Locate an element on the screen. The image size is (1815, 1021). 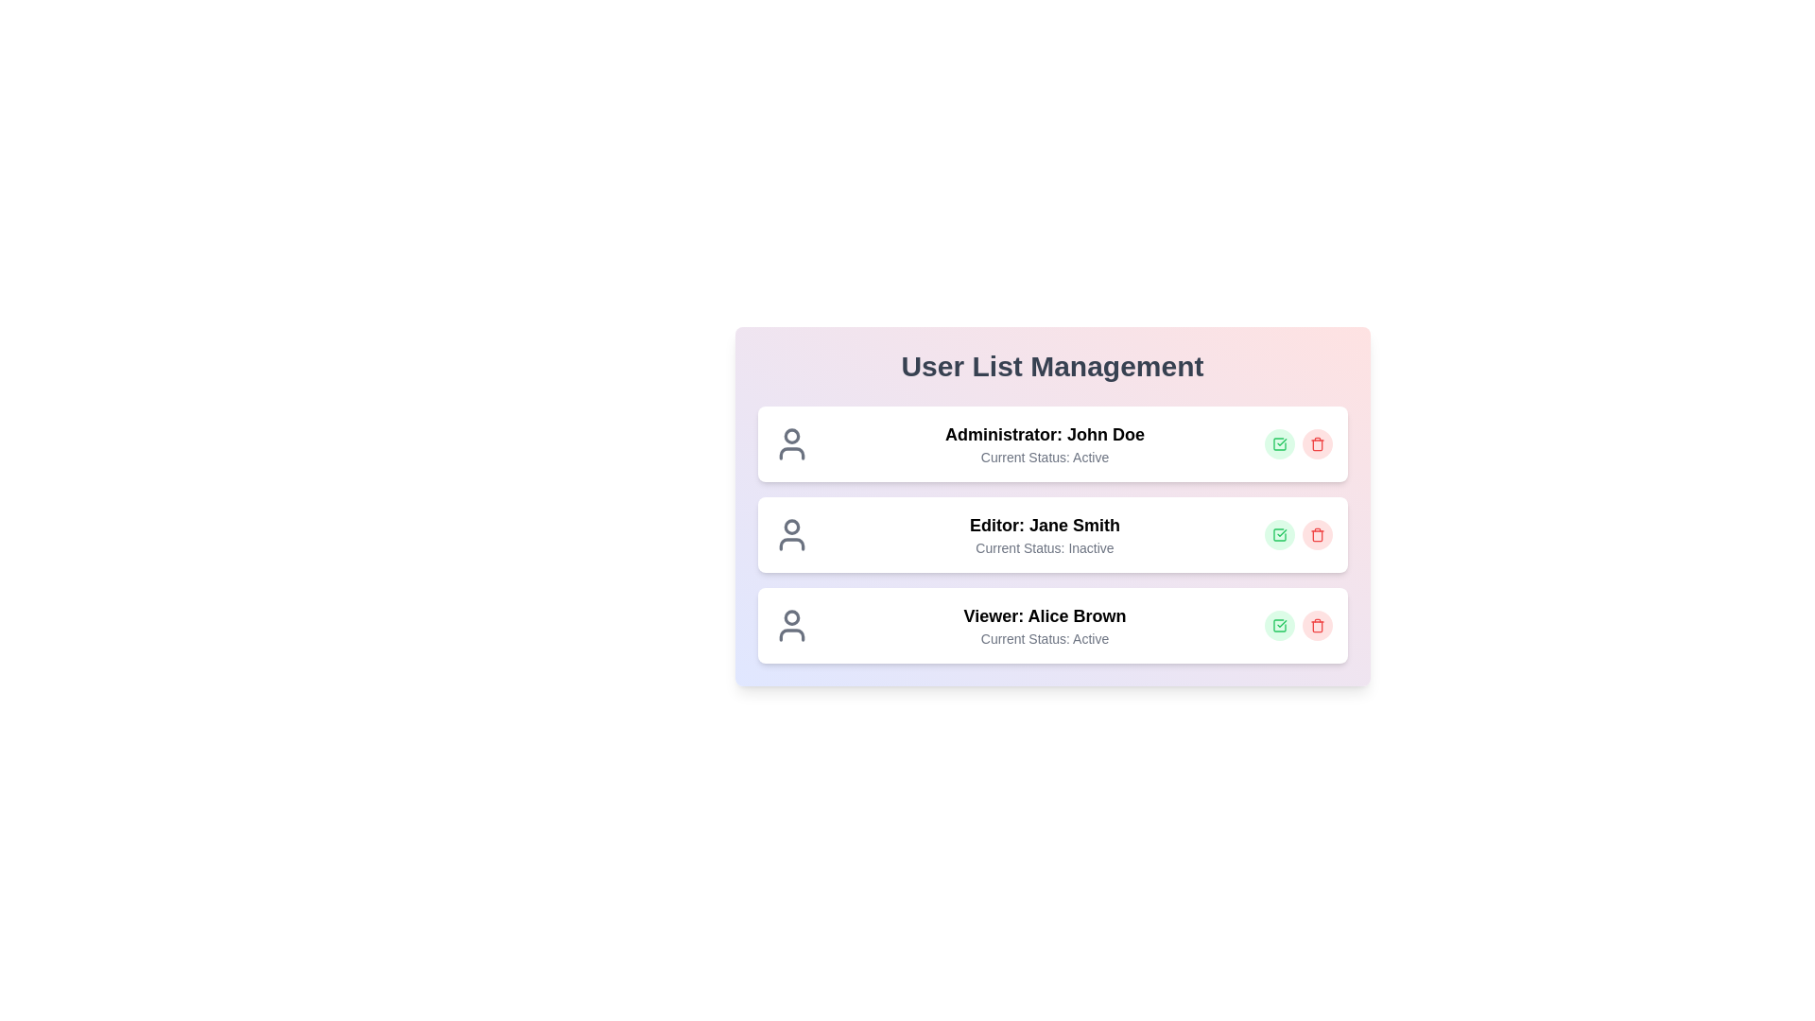
the circular red button with a trash icon located in the row of 'Viewer: Alice Brown' is located at coordinates (1316, 626).